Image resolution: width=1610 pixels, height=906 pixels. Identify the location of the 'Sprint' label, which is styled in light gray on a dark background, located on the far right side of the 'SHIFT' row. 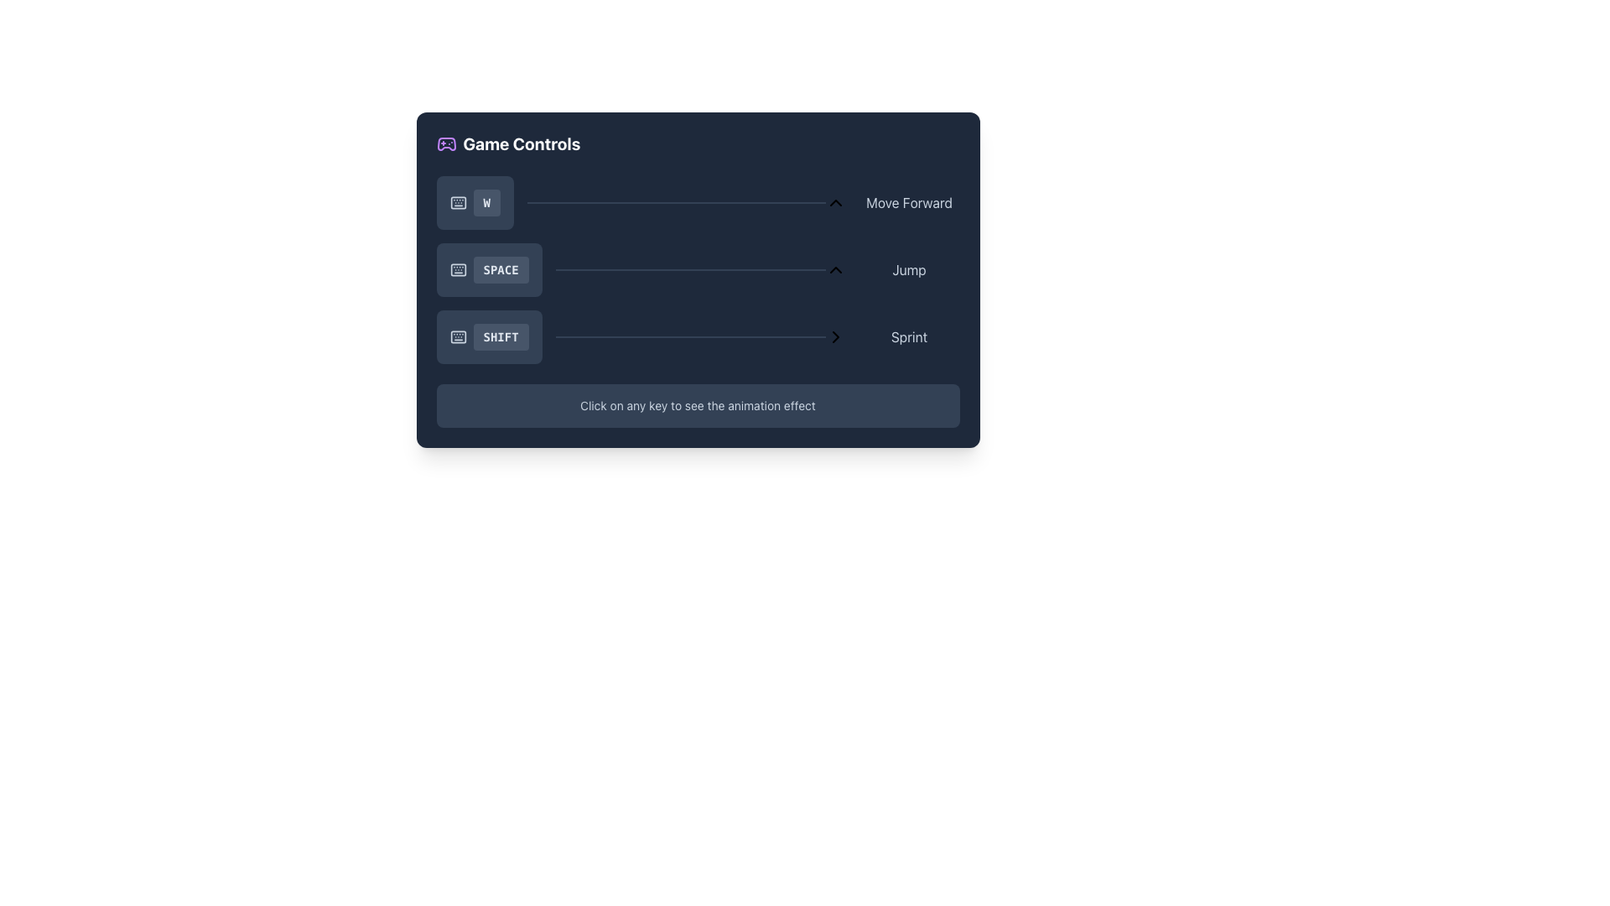
(908, 336).